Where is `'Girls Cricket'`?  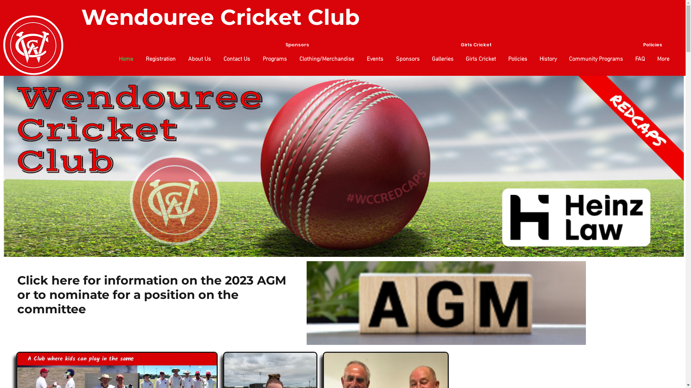 'Girls Cricket' is located at coordinates (480, 59).